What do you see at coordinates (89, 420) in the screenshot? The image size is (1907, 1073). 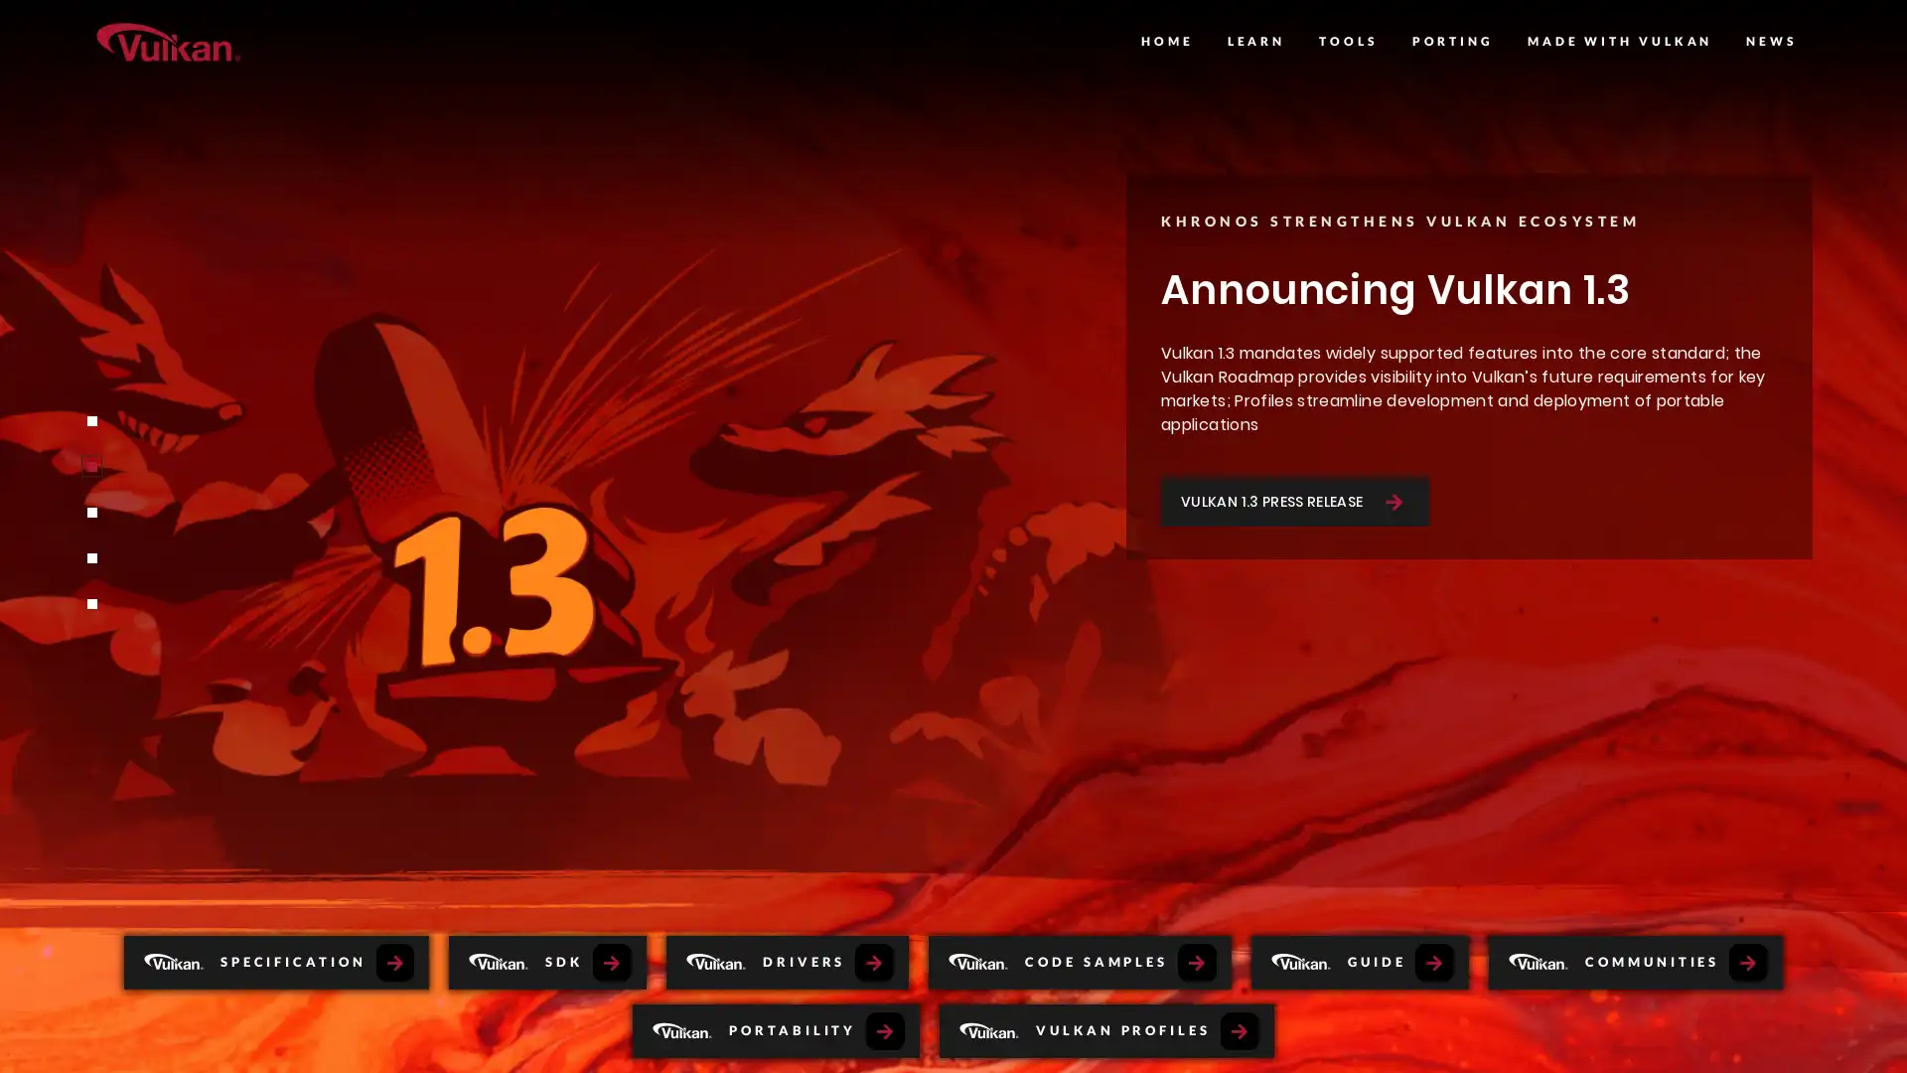 I see `1` at bounding box center [89, 420].